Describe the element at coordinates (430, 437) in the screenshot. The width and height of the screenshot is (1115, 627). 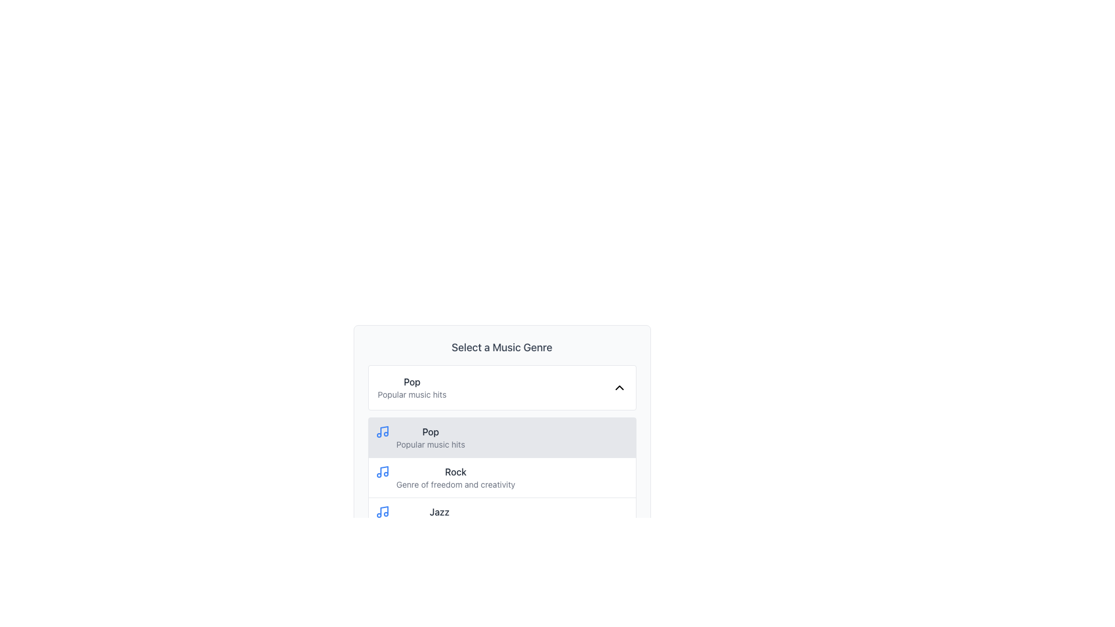
I see `the List Item displaying 'Pop' in bold text and 'Popular music hits' in smaller text` at that location.